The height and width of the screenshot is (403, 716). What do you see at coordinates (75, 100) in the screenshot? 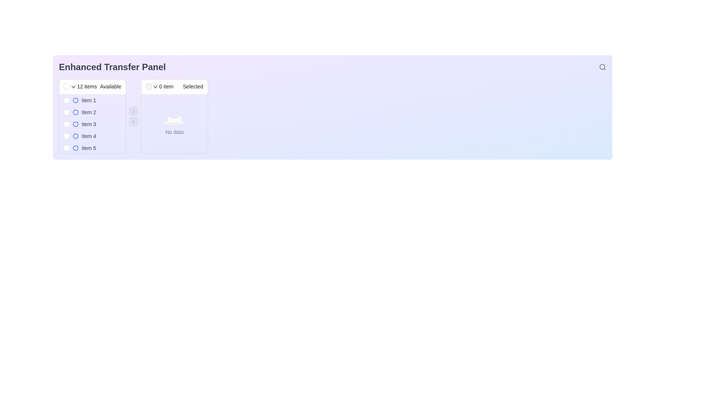
I see `the visual representation of the blue badge icon located adjacent to the label 'Item 1' in the 'Available' section of the Enhanced Transfer Panel` at bounding box center [75, 100].